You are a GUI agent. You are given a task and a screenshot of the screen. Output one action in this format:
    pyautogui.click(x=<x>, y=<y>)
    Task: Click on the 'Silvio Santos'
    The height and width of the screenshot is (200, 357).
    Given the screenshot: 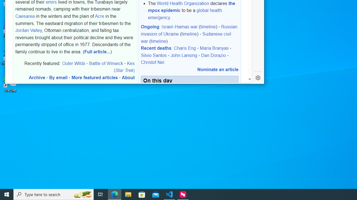 What is the action you would take?
    pyautogui.click(x=154, y=55)
    